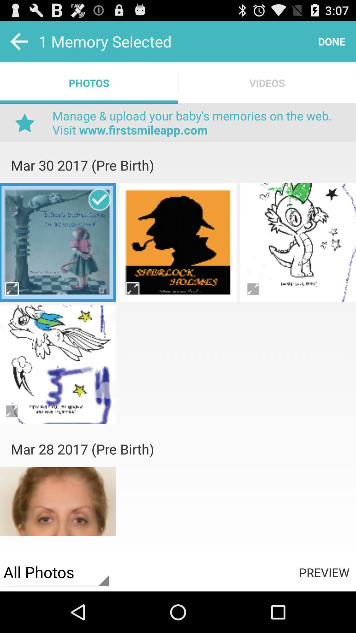 Image resolution: width=356 pixels, height=633 pixels. What do you see at coordinates (252, 289) in the screenshot?
I see `this image full screen` at bounding box center [252, 289].